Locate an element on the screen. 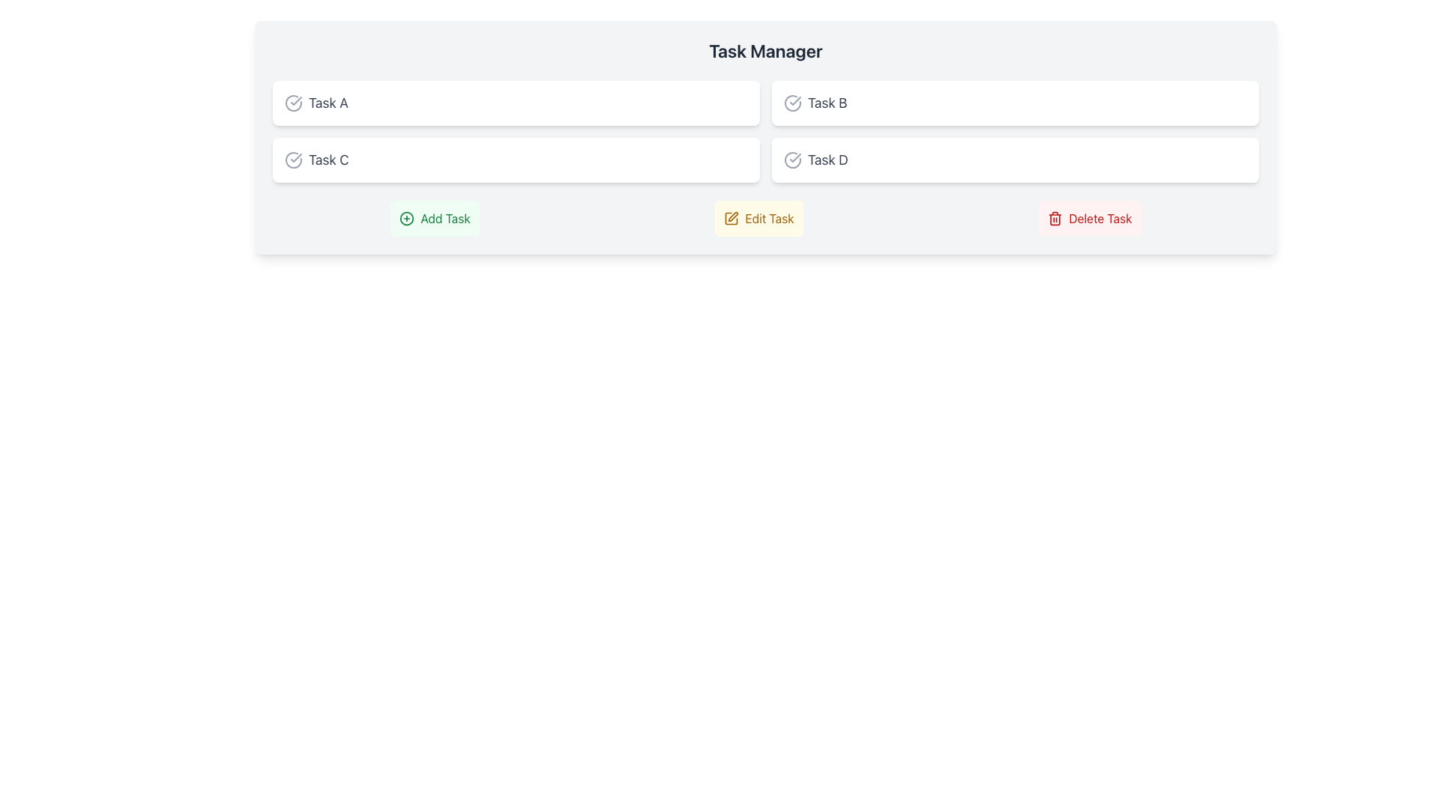  the Status Icon located in the task row labeled 'Task B' is located at coordinates (791, 103).